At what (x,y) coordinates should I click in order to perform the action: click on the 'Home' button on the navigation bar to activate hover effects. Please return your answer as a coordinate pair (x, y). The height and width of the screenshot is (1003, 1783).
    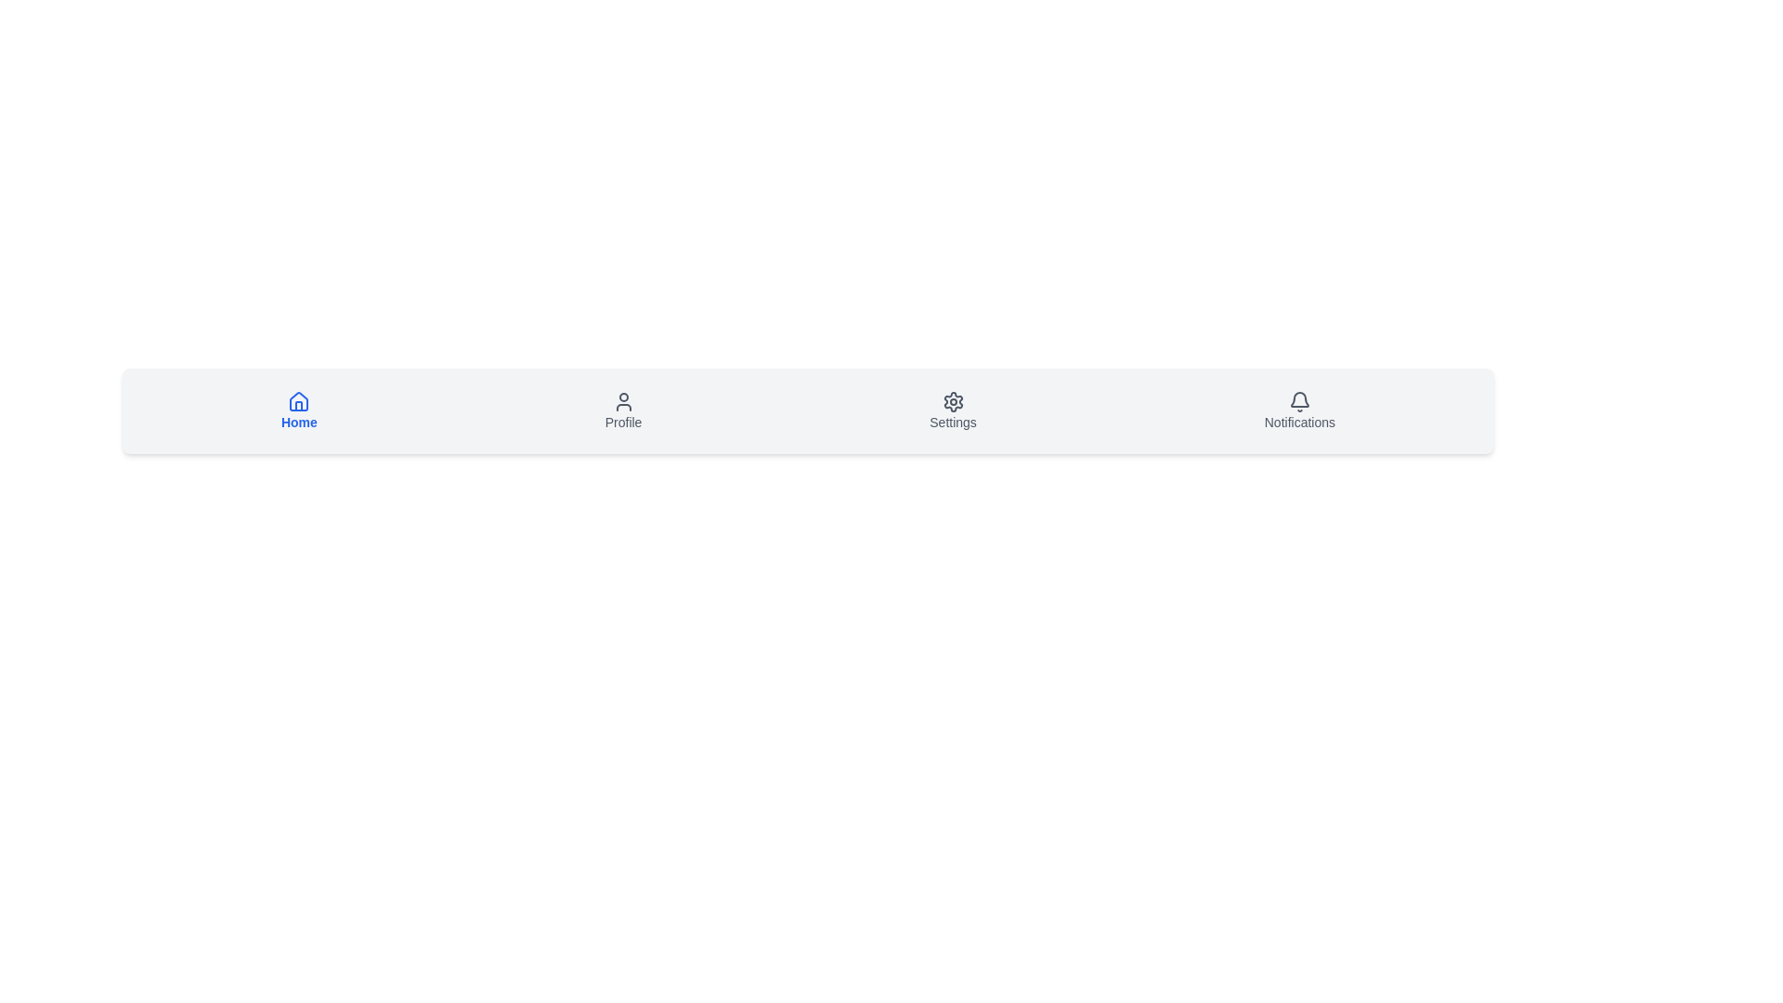
    Looking at the image, I should click on (299, 410).